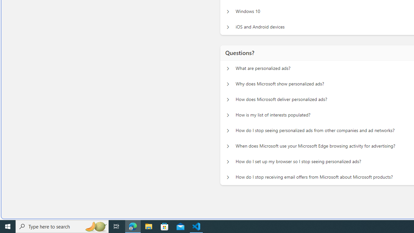 The height and width of the screenshot is (233, 414). I want to click on 'Questions? How does Microsoft deliver personalized ads?', so click(228, 98).